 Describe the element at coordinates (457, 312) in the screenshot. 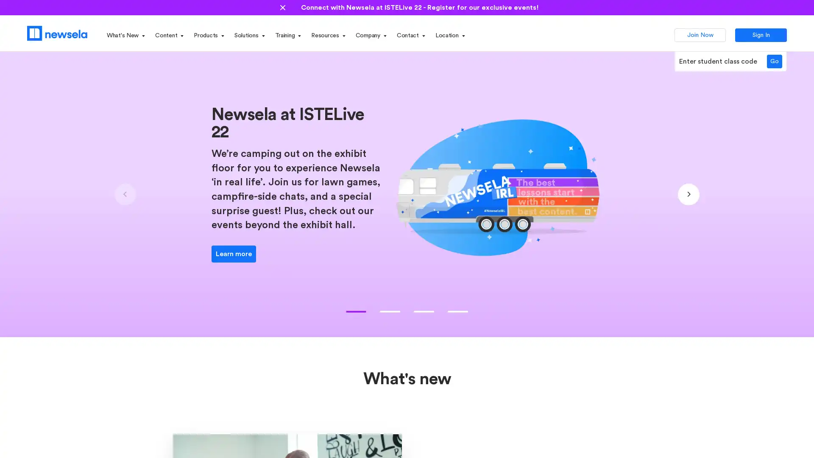

I see `Go to slide 3` at that location.